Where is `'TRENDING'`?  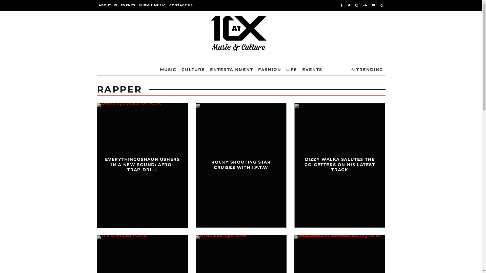
'TRENDING' is located at coordinates (367, 70).